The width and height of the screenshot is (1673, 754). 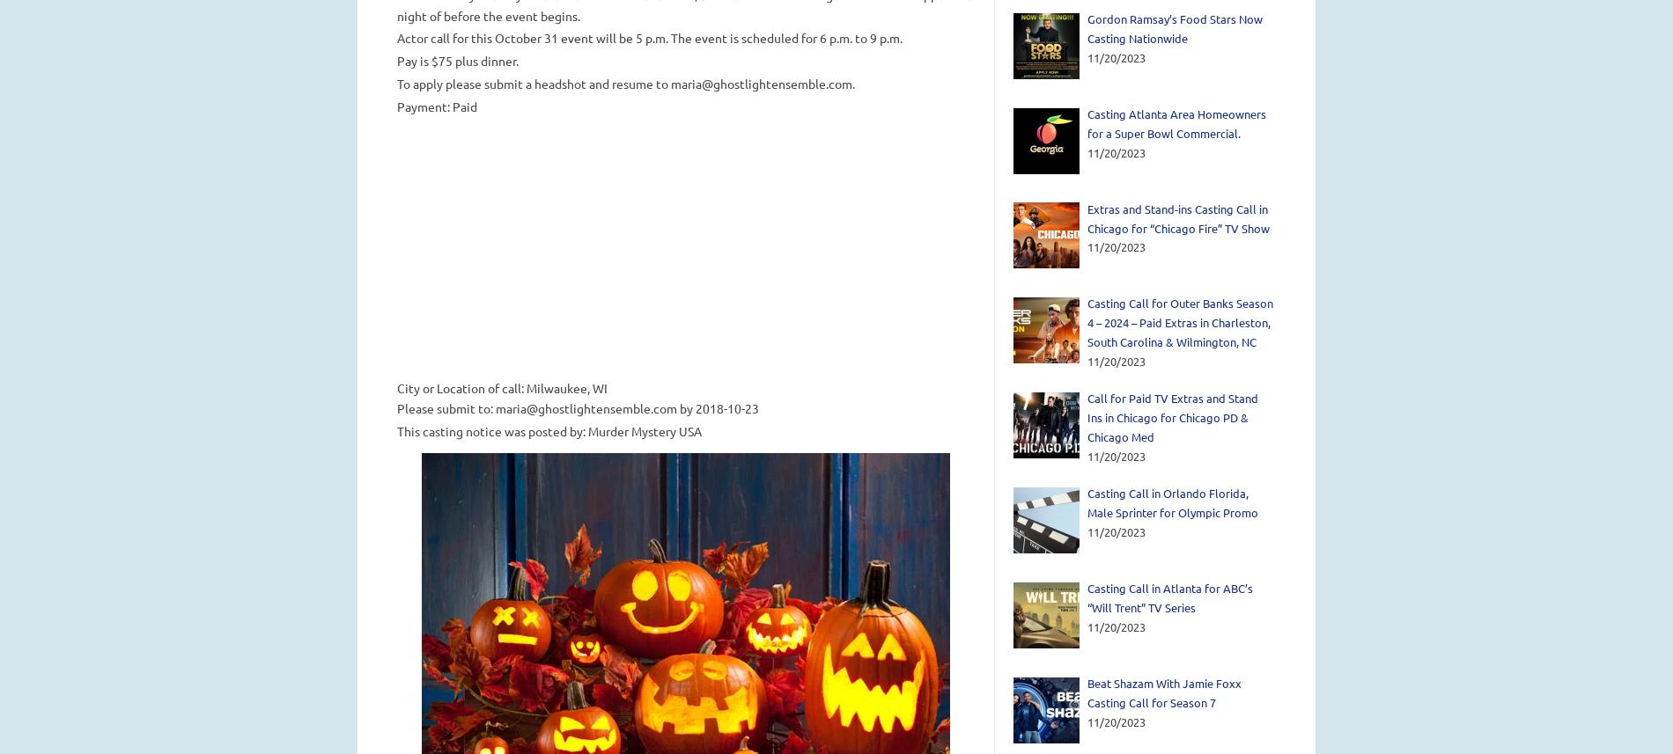 What do you see at coordinates (1087, 27) in the screenshot?
I see `'Gordon Ramsay’s Food Stars Now Casting Nationwide'` at bounding box center [1087, 27].